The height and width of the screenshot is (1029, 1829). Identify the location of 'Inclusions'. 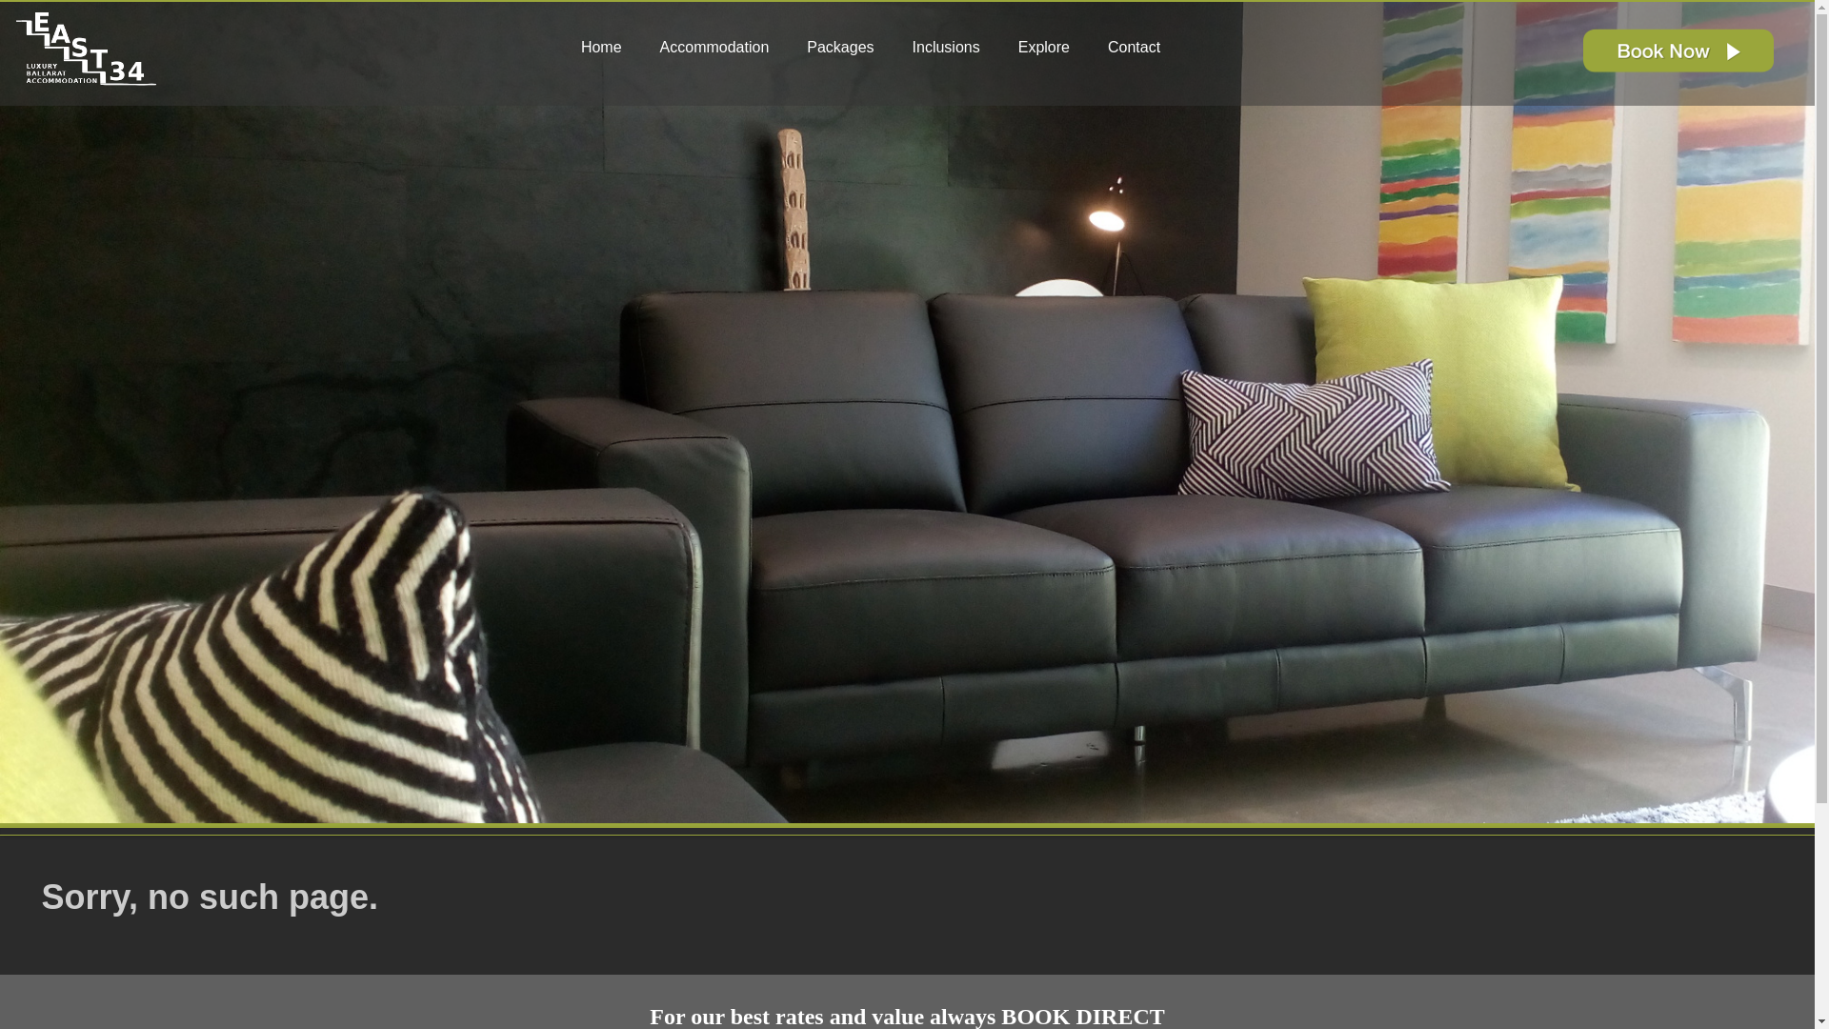
(899, 47).